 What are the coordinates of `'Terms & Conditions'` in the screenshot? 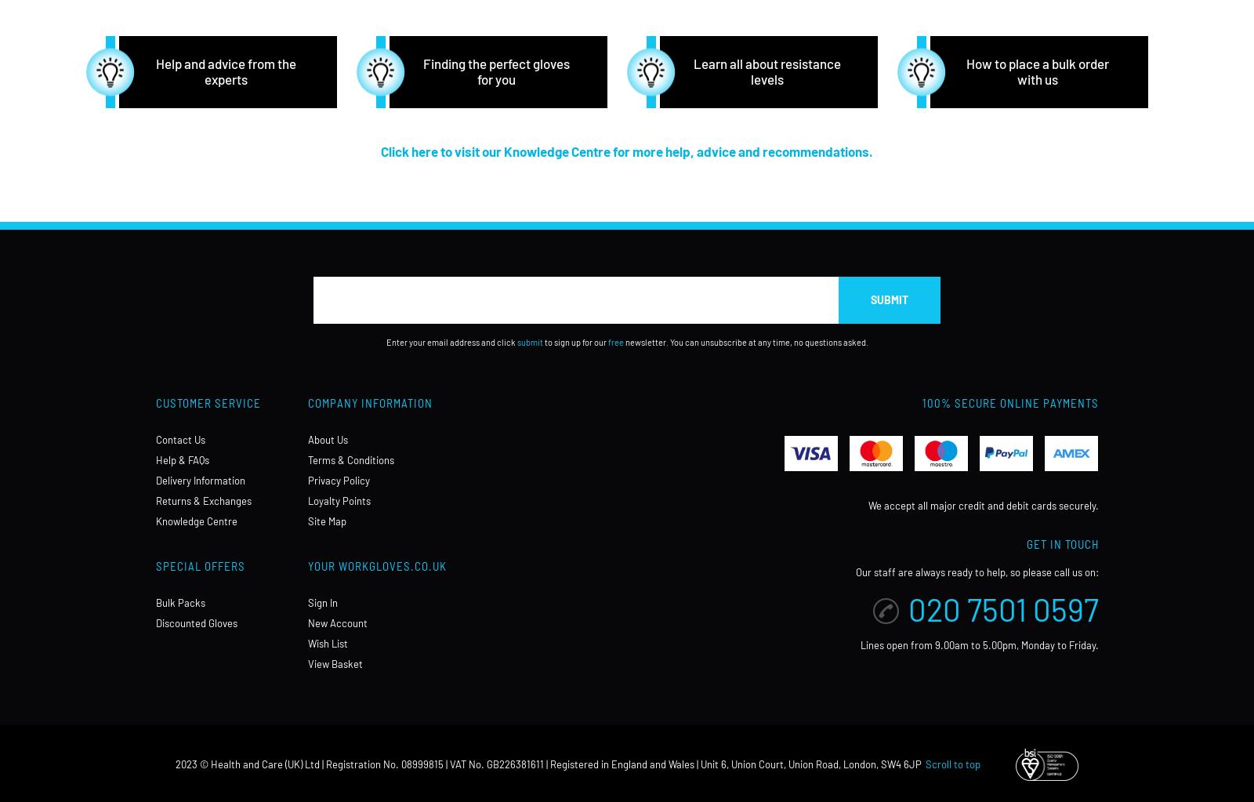 It's located at (350, 459).